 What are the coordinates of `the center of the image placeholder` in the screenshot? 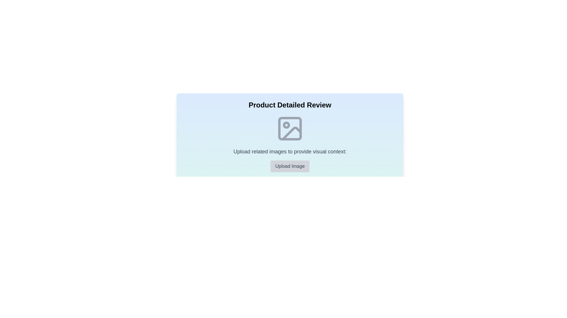 It's located at (290, 128).